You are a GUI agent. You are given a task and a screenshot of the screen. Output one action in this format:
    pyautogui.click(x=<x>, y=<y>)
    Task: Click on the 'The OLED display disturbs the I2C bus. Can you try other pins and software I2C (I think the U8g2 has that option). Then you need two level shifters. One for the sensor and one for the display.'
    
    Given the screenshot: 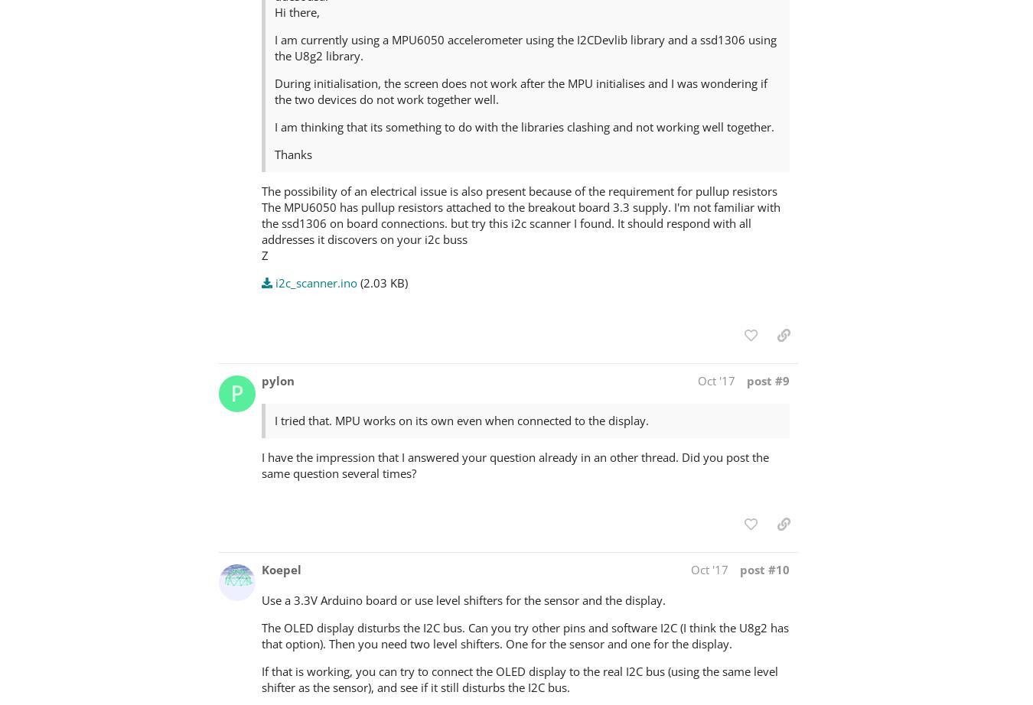 What is the action you would take?
    pyautogui.click(x=261, y=634)
    